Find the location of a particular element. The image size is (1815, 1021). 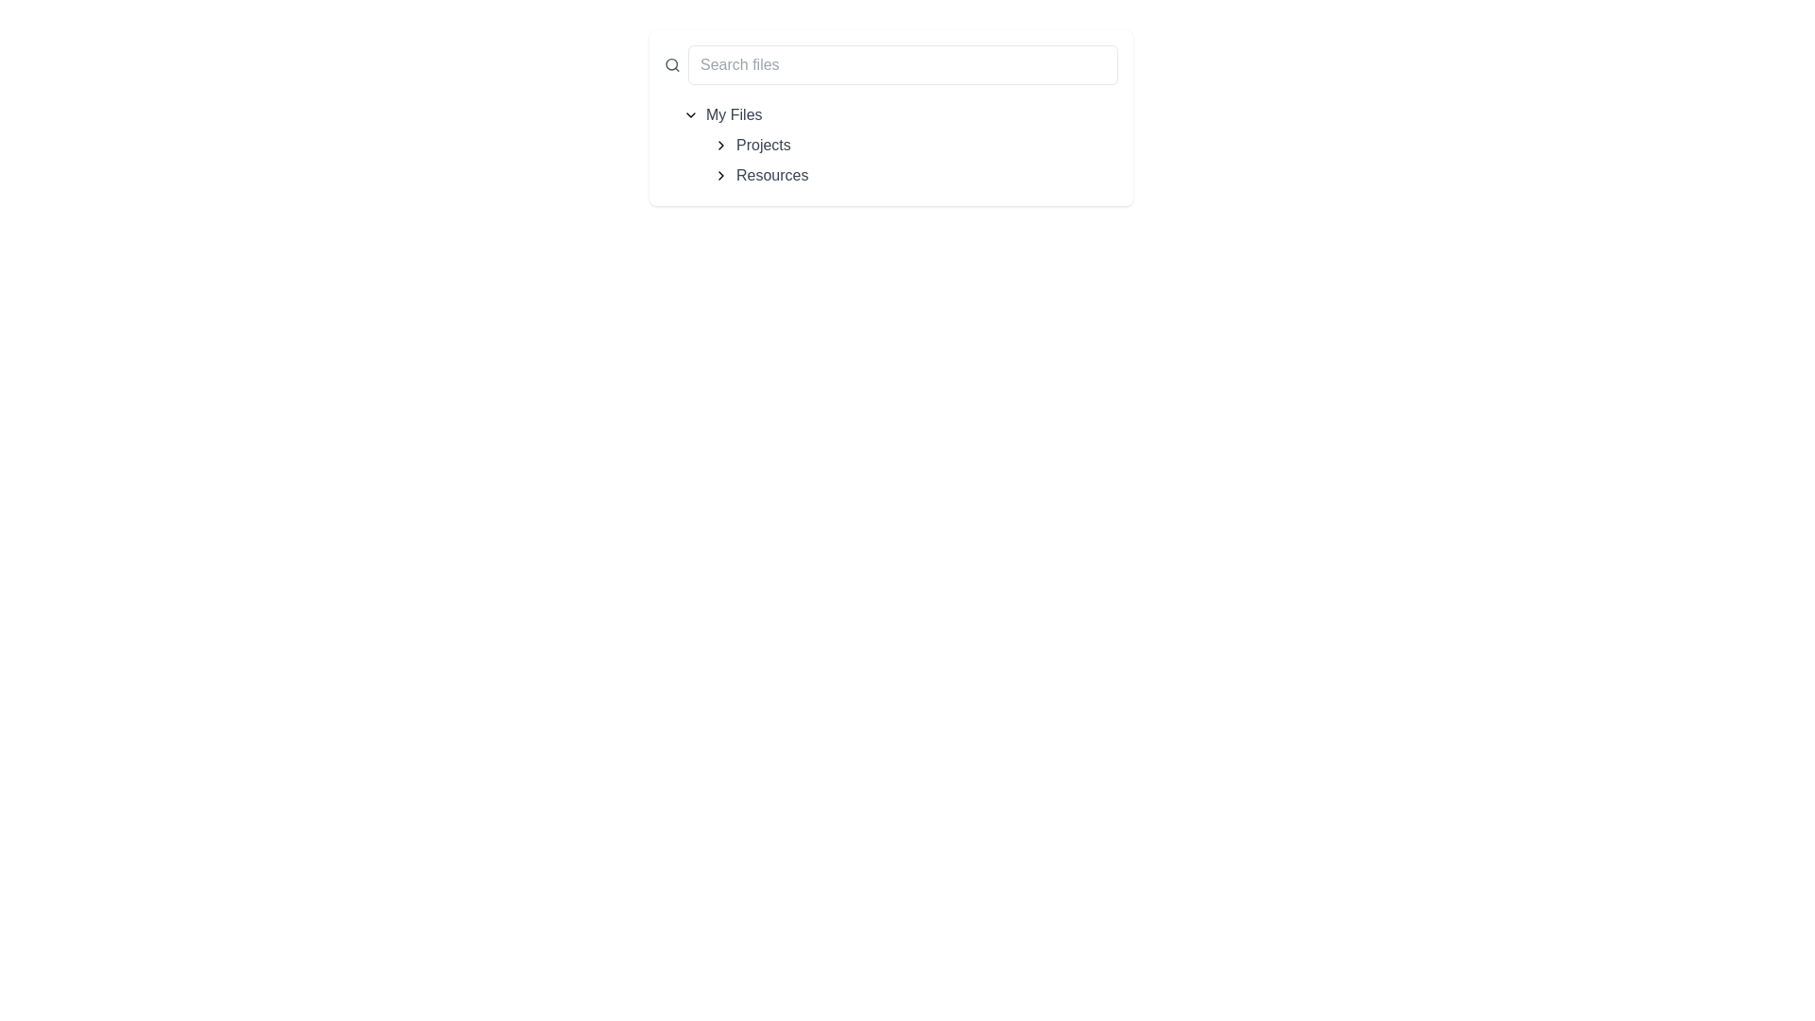

the toggle icon for the 'Resources' section is located at coordinates (720, 175).